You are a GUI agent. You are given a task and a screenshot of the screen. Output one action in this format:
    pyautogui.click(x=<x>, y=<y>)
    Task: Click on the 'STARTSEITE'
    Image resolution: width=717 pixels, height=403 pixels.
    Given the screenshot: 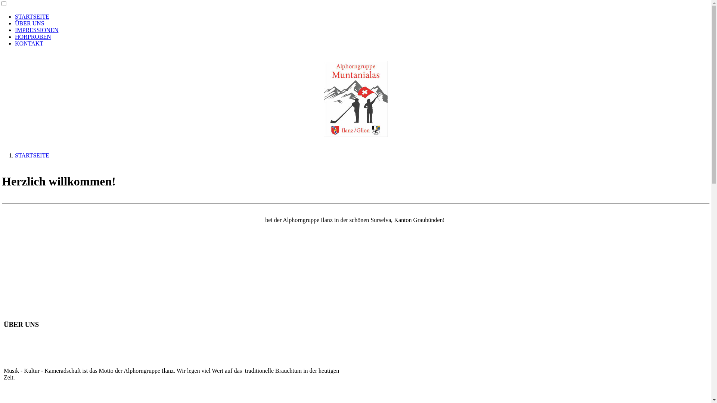 What is the action you would take?
    pyautogui.click(x=32, y=16)
    